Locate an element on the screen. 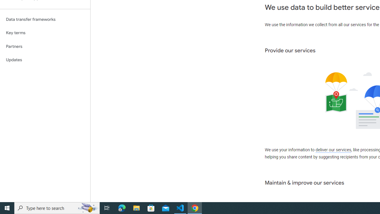 The height and width of the screenshot is (214, 380). 'Partners' is located at coordinates (45, 46).